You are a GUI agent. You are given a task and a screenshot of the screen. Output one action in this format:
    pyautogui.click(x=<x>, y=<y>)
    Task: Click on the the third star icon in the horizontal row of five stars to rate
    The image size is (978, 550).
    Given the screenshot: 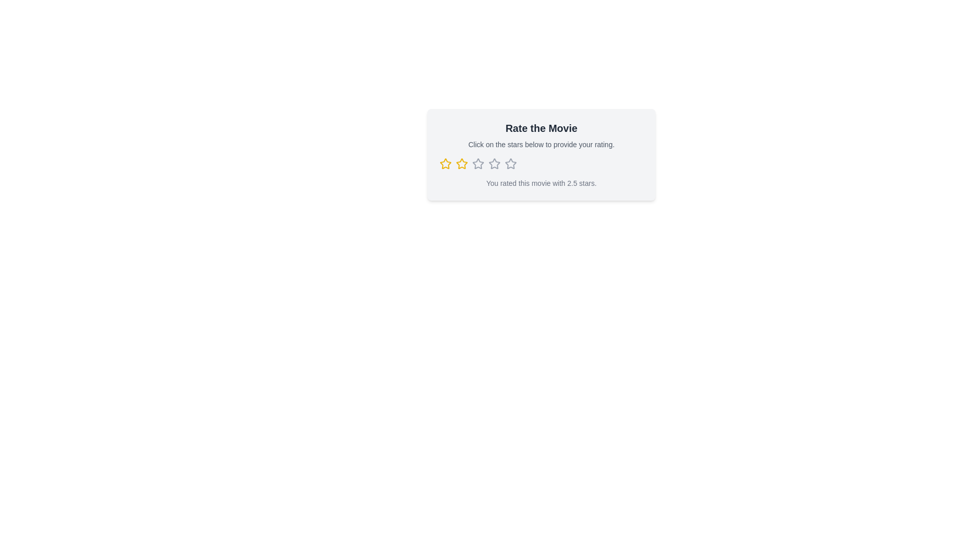 What is the action you would take?
    pyautogui.click(x=511, y=163)
    